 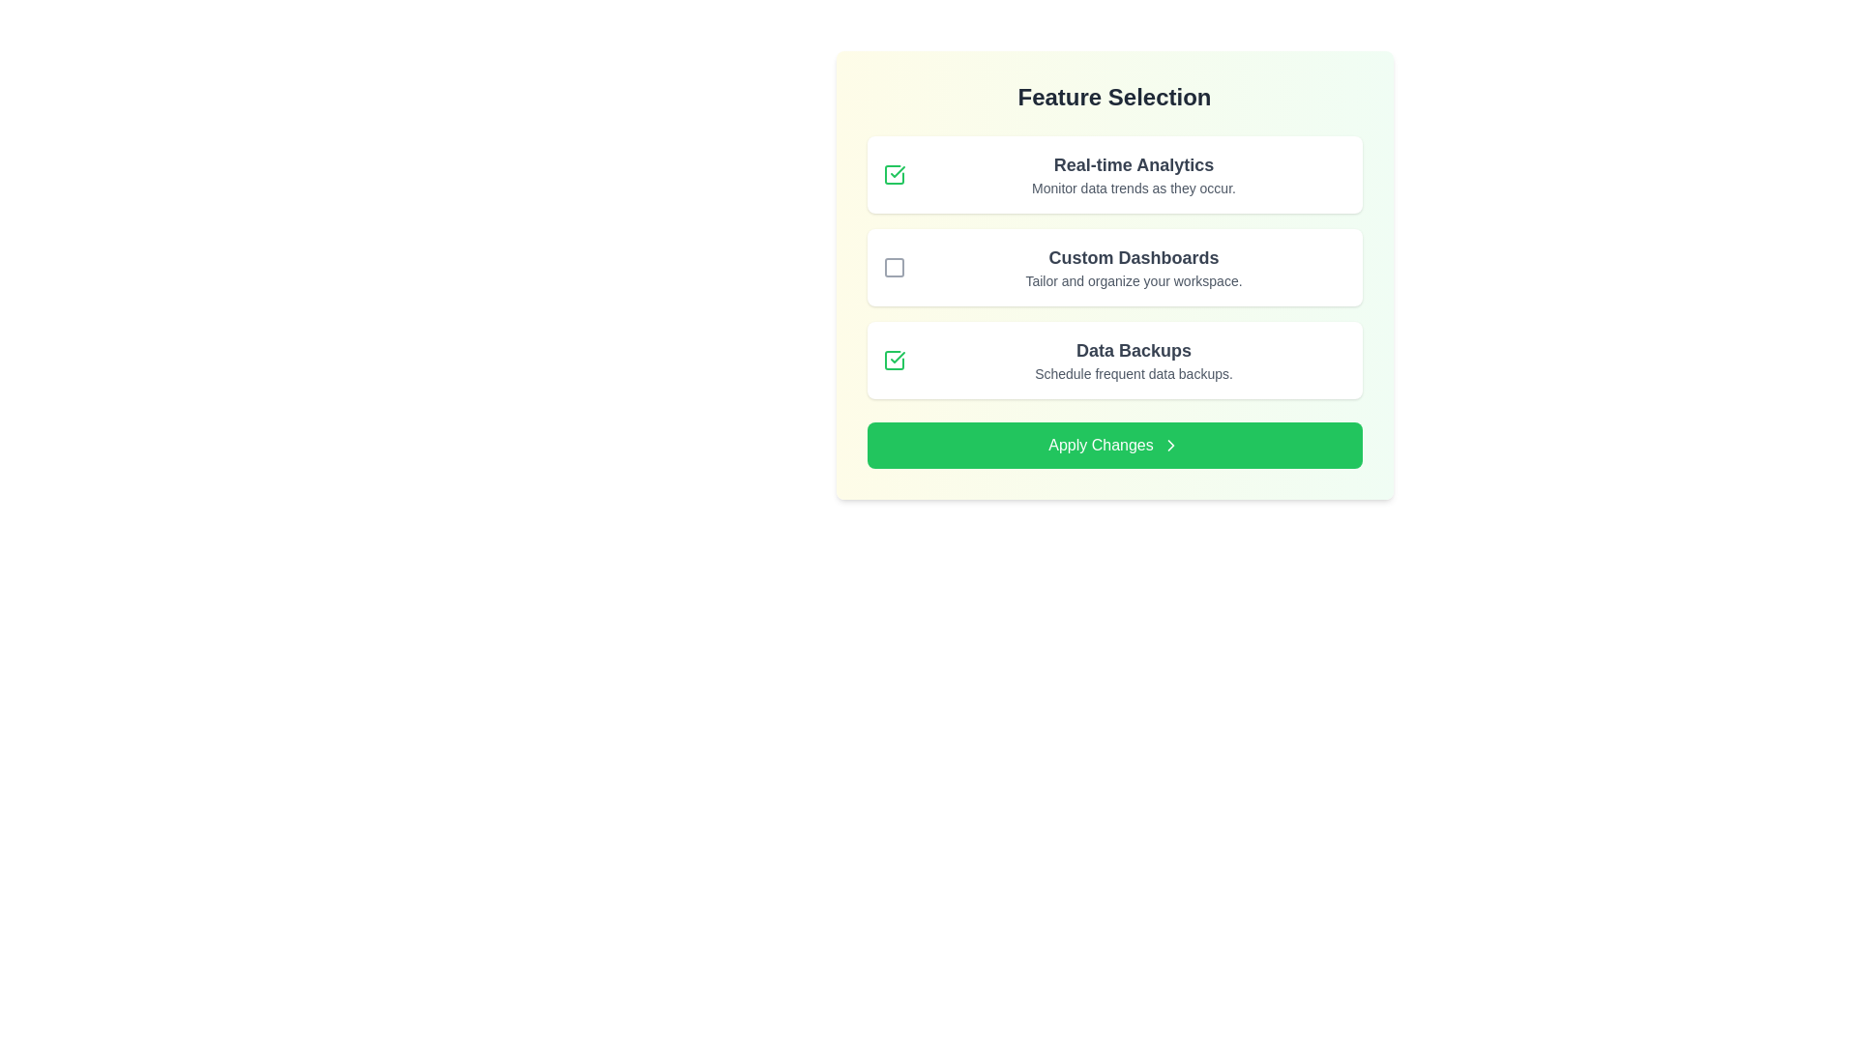 What do you see at coordinates (893, 268) in the screenshot?
I see `the checkbox with a gray outline located to the left of the 'Custom Dashboards' text in the second row of the 'Feature Selection' list` at bounding box center [893, 268].